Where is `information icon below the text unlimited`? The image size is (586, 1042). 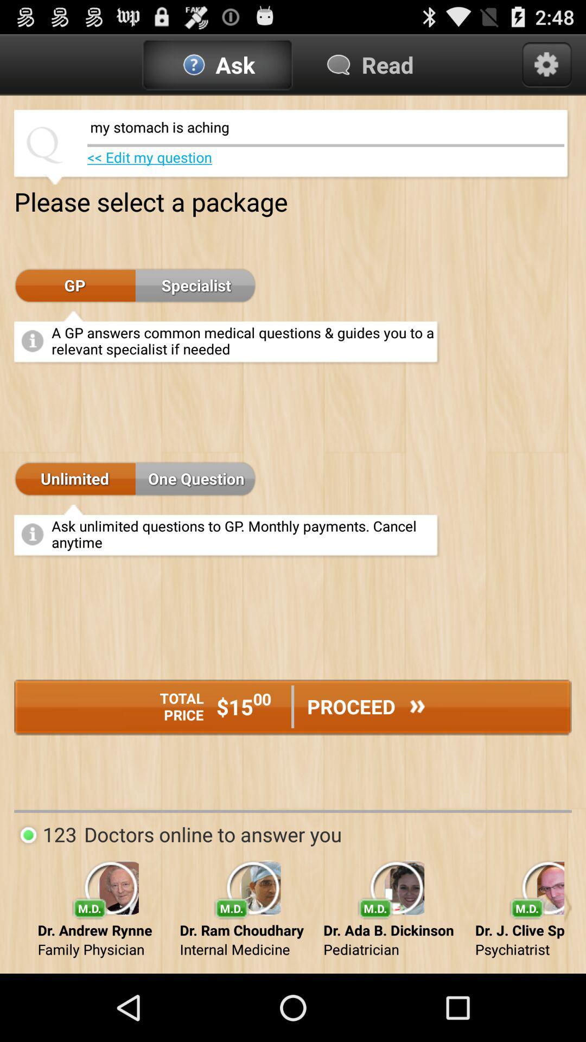 information icon below the text unlimited is located at coordinates (33, 534).